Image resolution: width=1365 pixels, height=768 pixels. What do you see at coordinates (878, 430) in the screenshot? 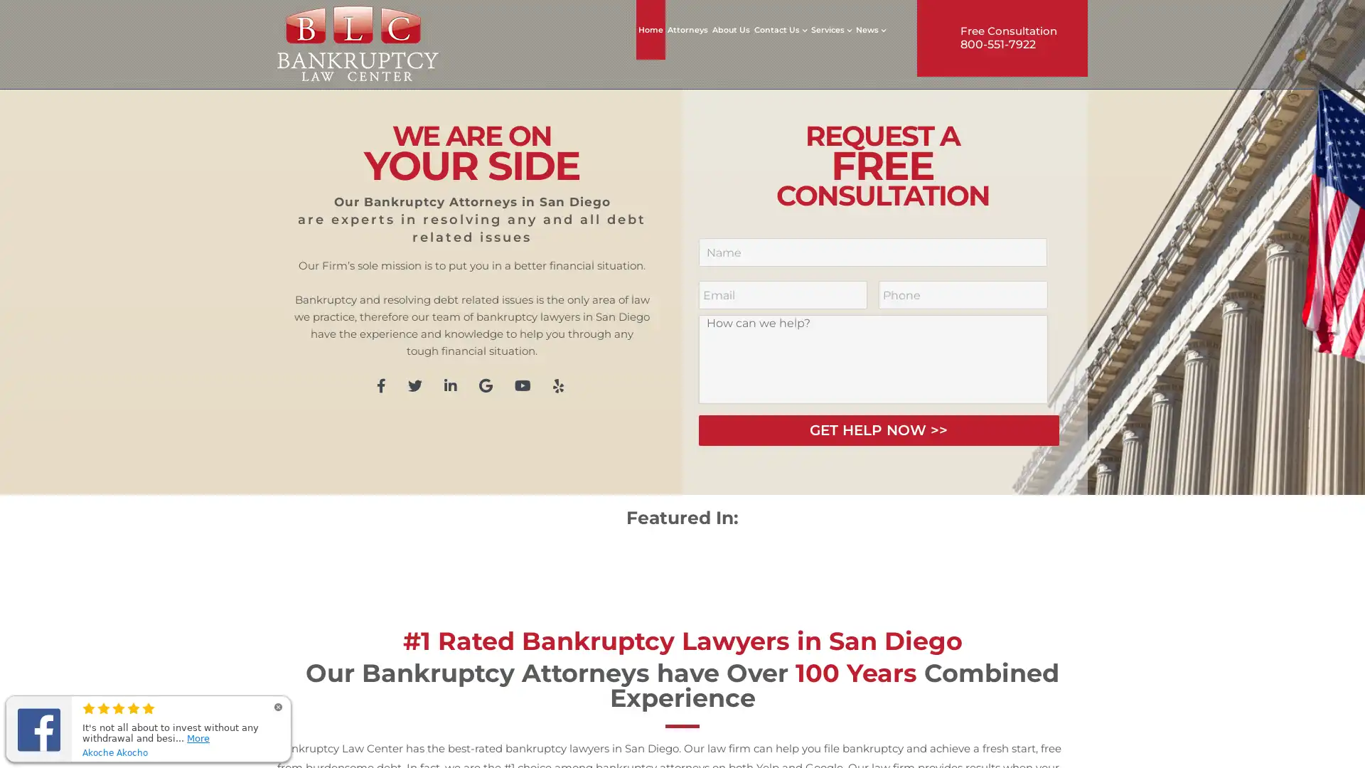
I see `GET HELP NOW >>` at bounding box center [878, 430].